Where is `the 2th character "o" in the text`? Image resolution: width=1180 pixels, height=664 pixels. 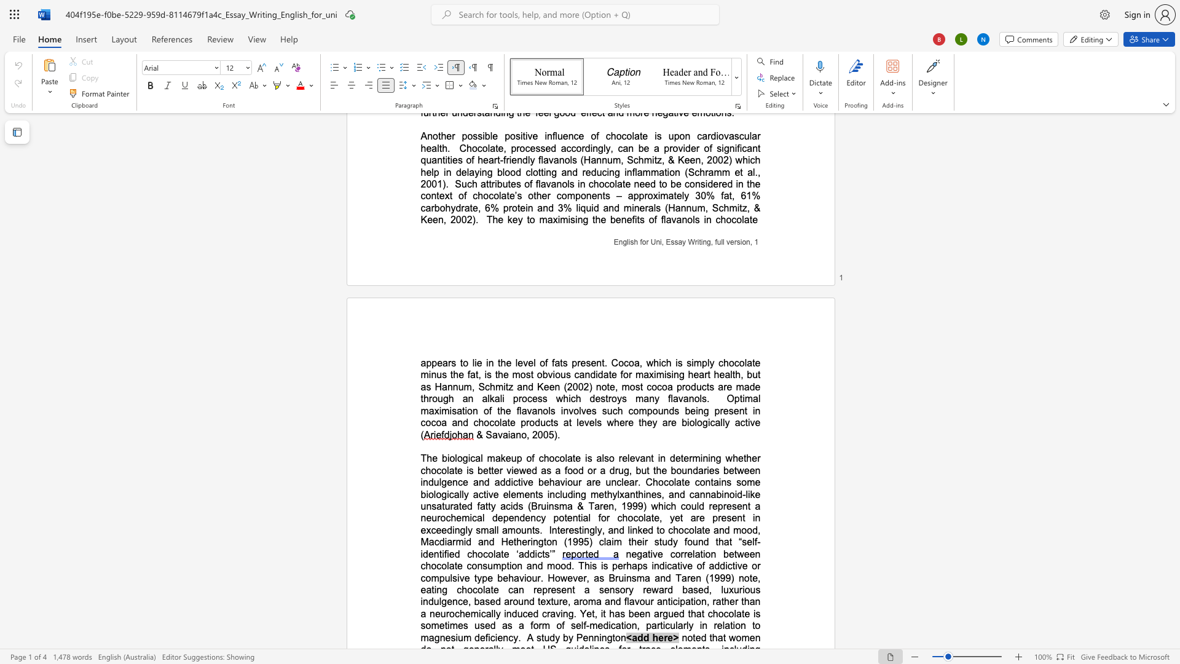
the 2th character "o" in the text is located at coordinates (680, 529).